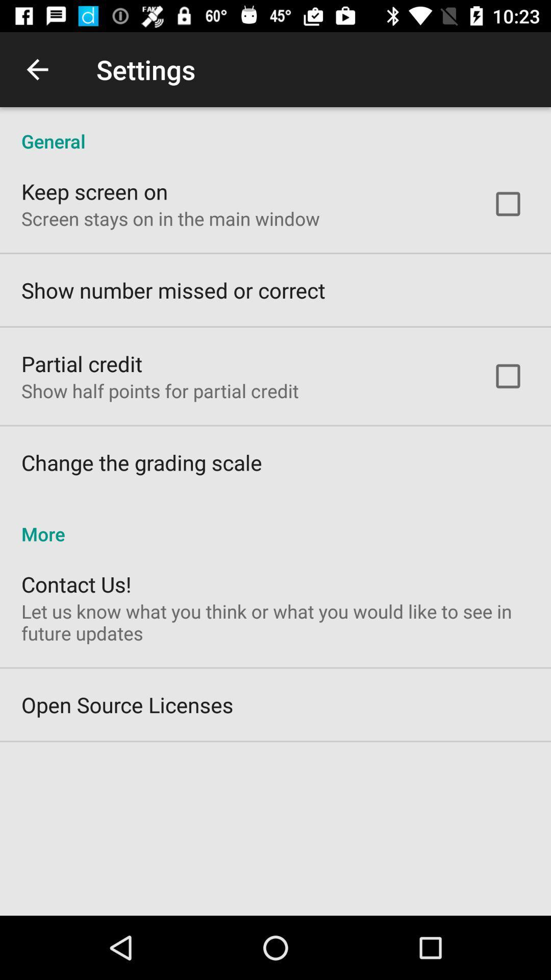 This screenshot has height=980, width=551. Describe the element at coordinates (76, 584) in the screenshot. I see `the icon above let us know icon` at that location.